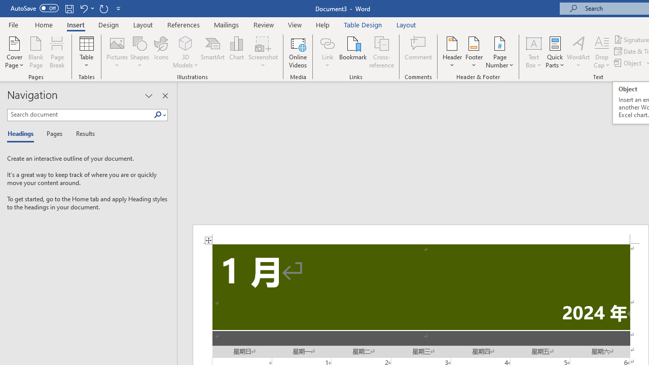 The image size is (649, 365). Describe the element at coordinates (23, 134) in the screenshot. I see `'Headings'` at that location.